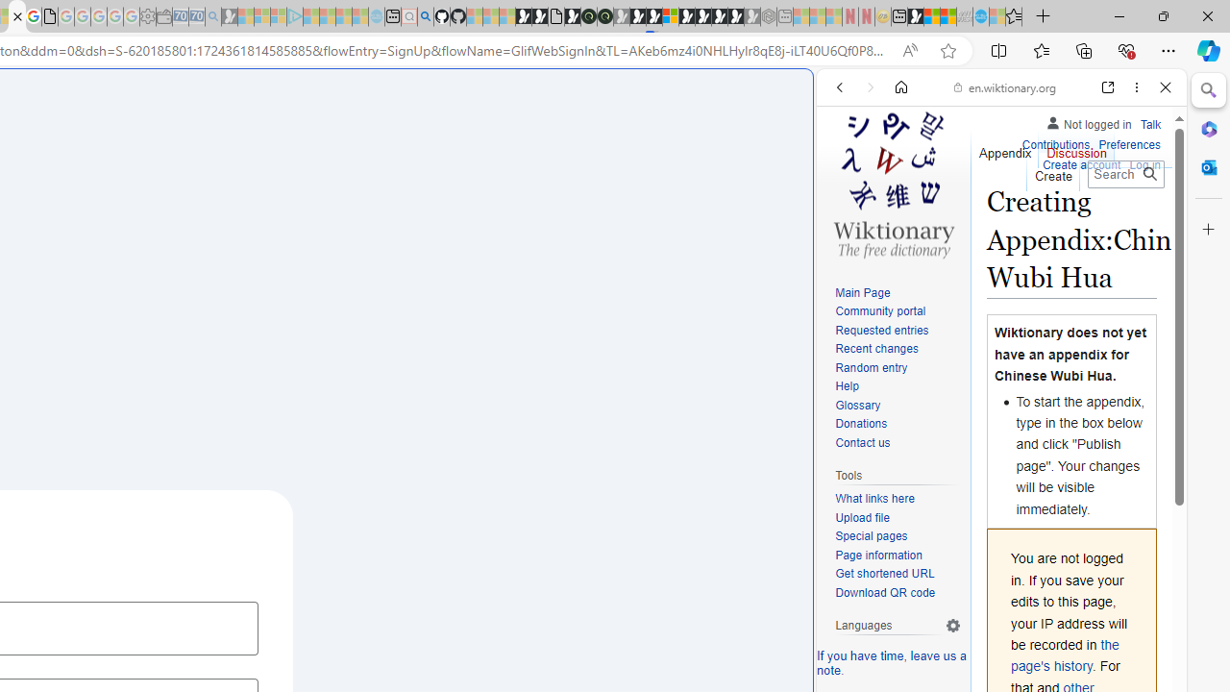 This screenshot has width=1230, height=692. What do you see at coordinates (1150, 124) in the screenshot?
I see `'Talk'` at bounding box center [1150, 124].